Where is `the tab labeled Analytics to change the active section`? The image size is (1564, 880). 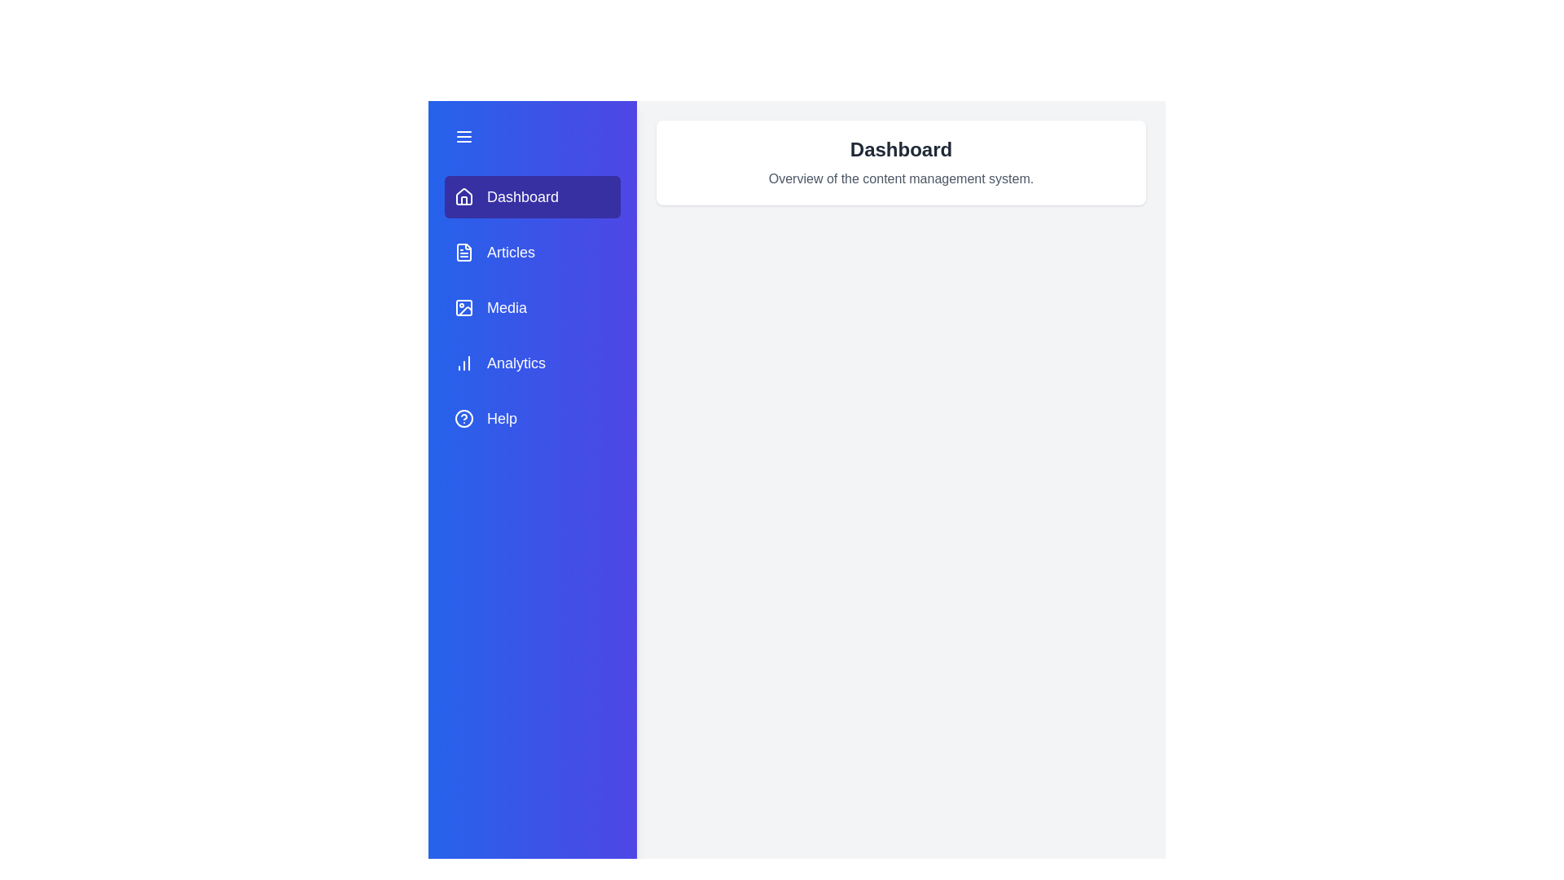 the tab labeled Analytics to change the active section is located at coordinates (532, 363).